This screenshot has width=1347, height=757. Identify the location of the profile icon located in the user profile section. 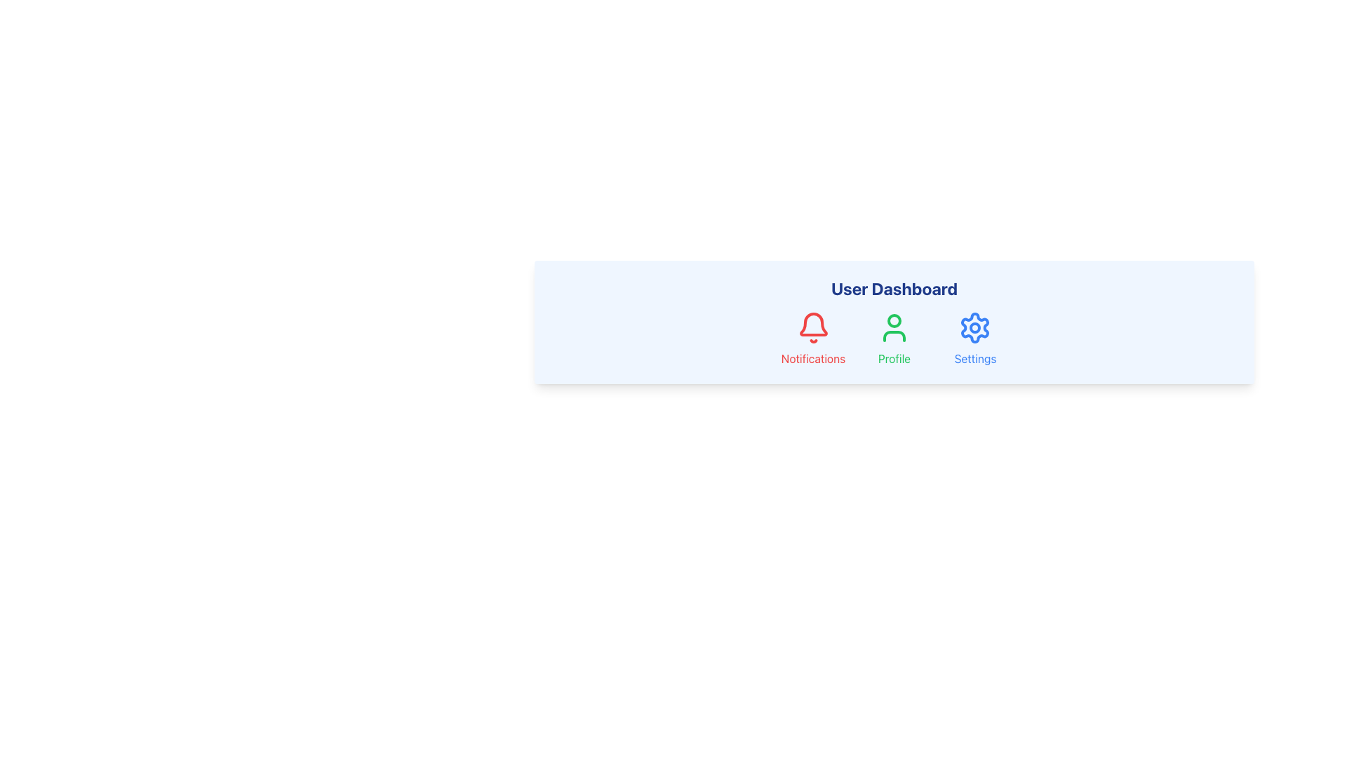
(894, 327).